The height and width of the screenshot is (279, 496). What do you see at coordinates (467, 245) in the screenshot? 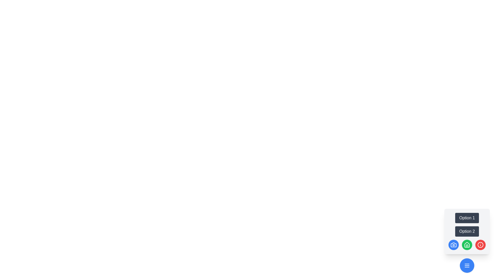
I see `the green circular icon button located in the bottom-right corner of the interface` at bounding box center [467, 245].